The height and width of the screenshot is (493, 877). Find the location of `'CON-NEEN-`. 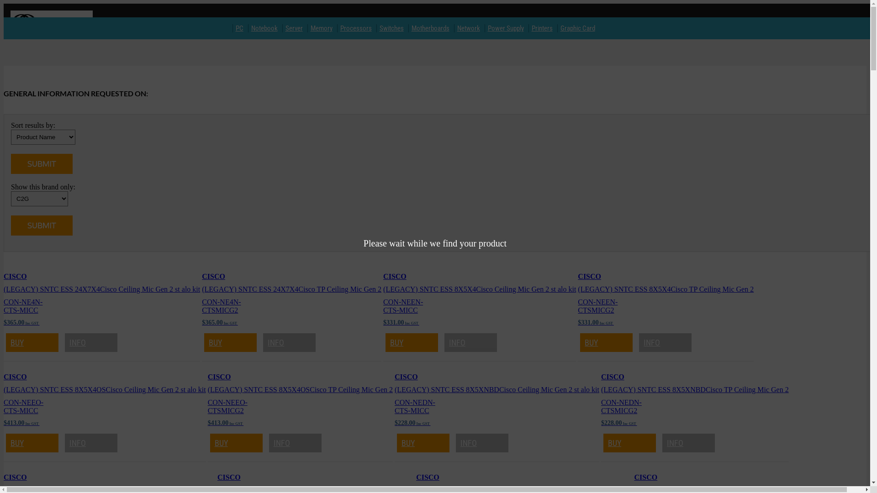

'CON-NEEN- is located at coordinates (577, 306).